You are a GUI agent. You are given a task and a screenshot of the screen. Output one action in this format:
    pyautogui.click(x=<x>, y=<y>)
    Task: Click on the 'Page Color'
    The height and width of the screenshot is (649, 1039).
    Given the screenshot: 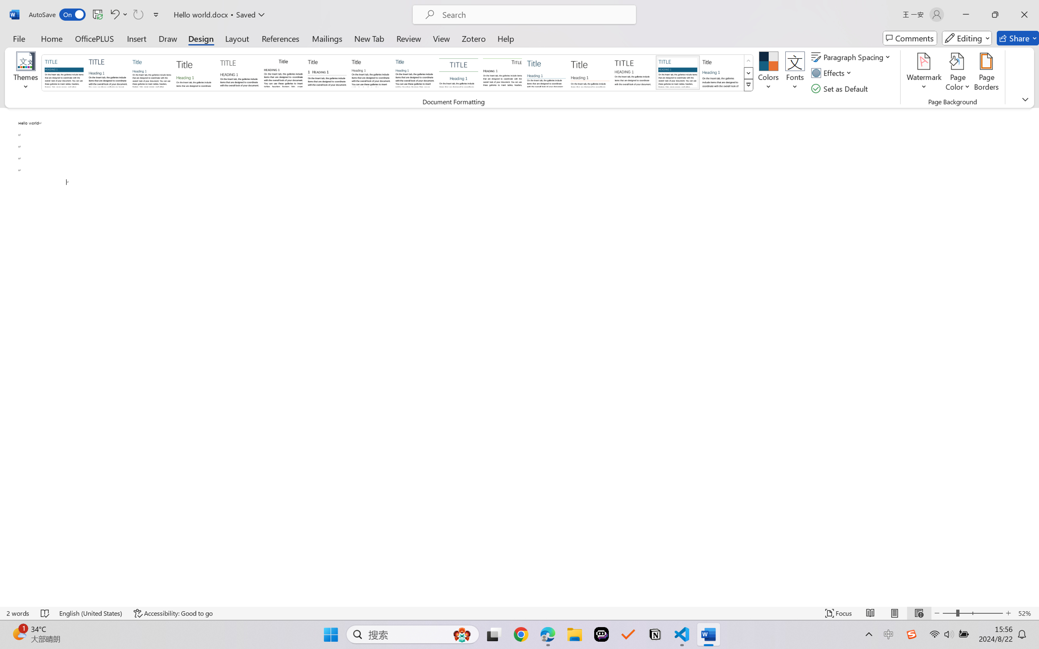 What is the action you would take?
    pyautogui.click(x=957, y=73)
    